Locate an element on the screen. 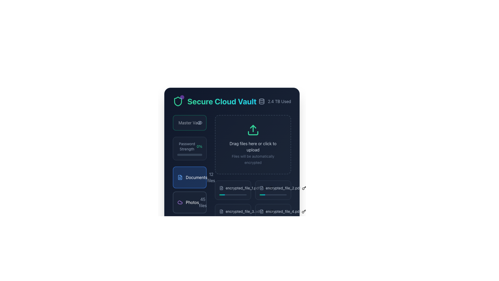 The image size is (499, 281). the Text Label that serves as a header for the cloud vault storage section, positioned below the shield-shaped icon and aligned with the '2.4 TB Used' text is located at coordinates (215, 101).